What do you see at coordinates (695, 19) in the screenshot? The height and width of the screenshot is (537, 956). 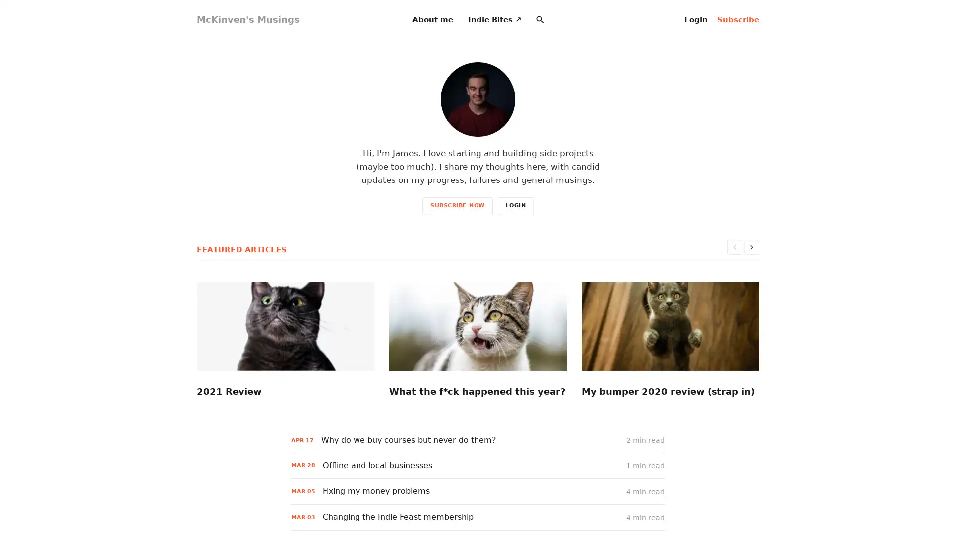 I see `Login` at bounding box center [695, 19].